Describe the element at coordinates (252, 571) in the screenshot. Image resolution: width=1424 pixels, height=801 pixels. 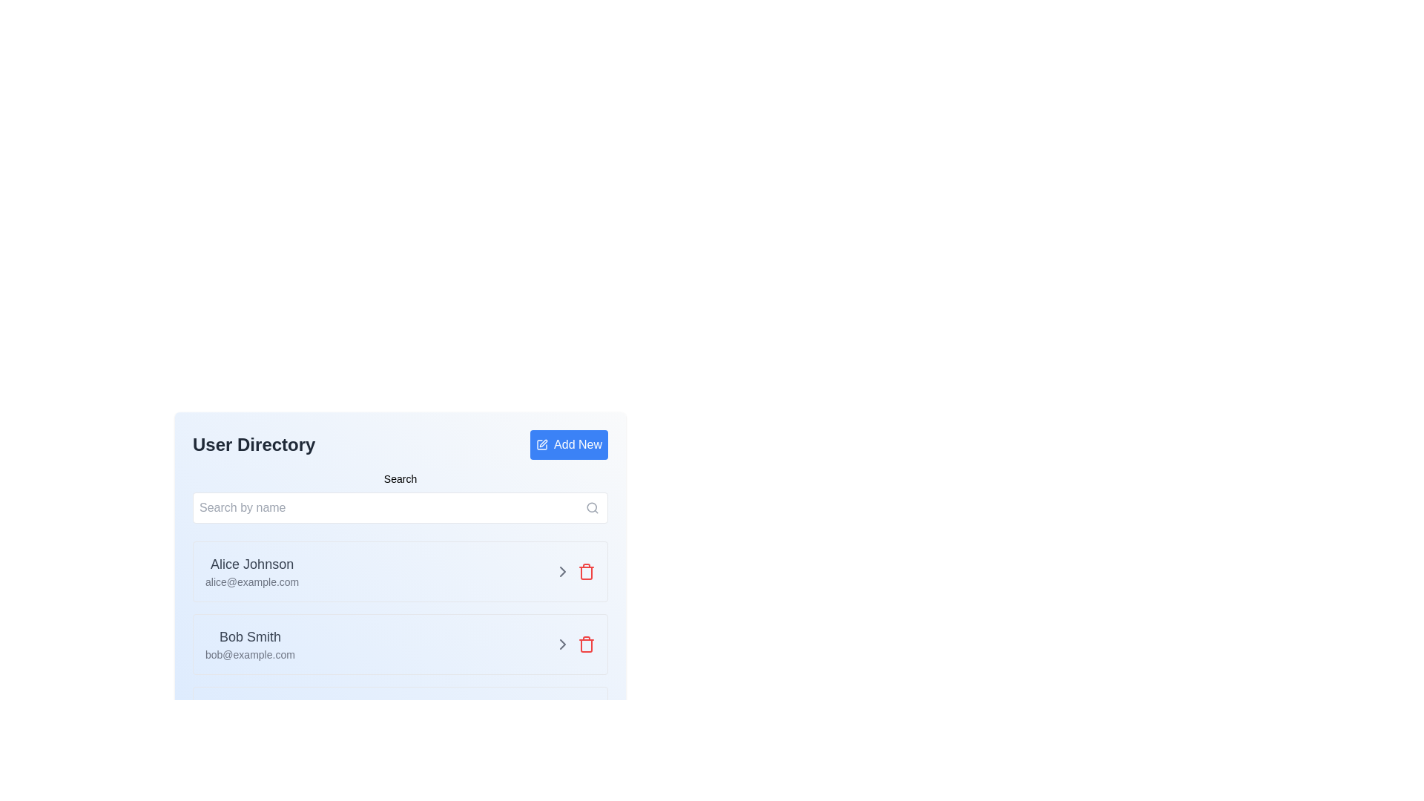
I see `displayed information of the text block containing the name 'Alice Johnson' and email 'alice@example.com', located in the 'User Directory' section under the 'Search by name' input field` at that location.